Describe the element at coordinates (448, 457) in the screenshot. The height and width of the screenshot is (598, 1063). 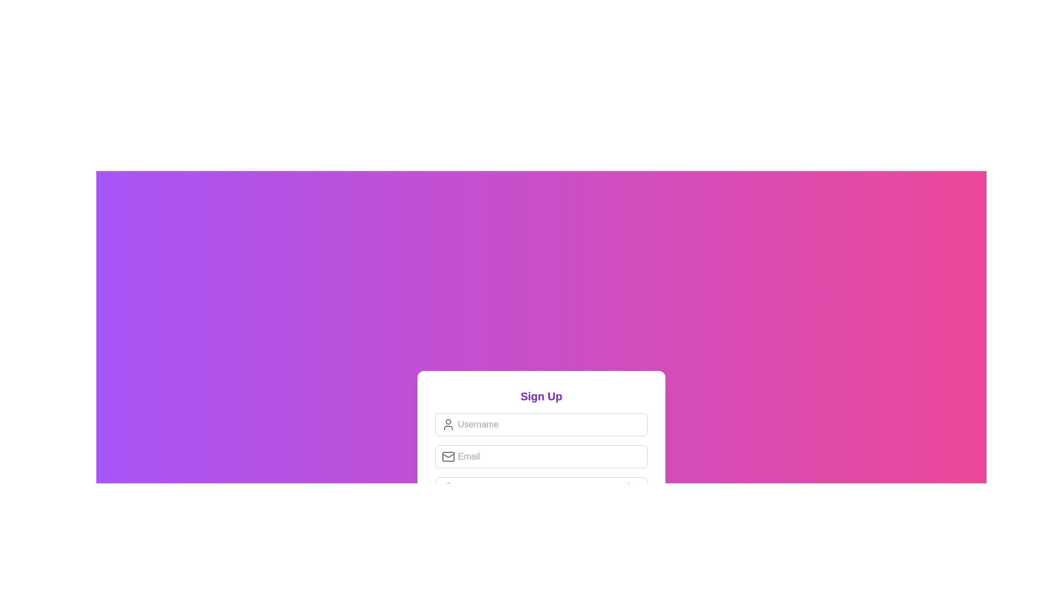
I see `SVG rectangle element representing the email icon, which is positioned to the left of the 'Email' input field in a form with a purple gradient background` at that location.